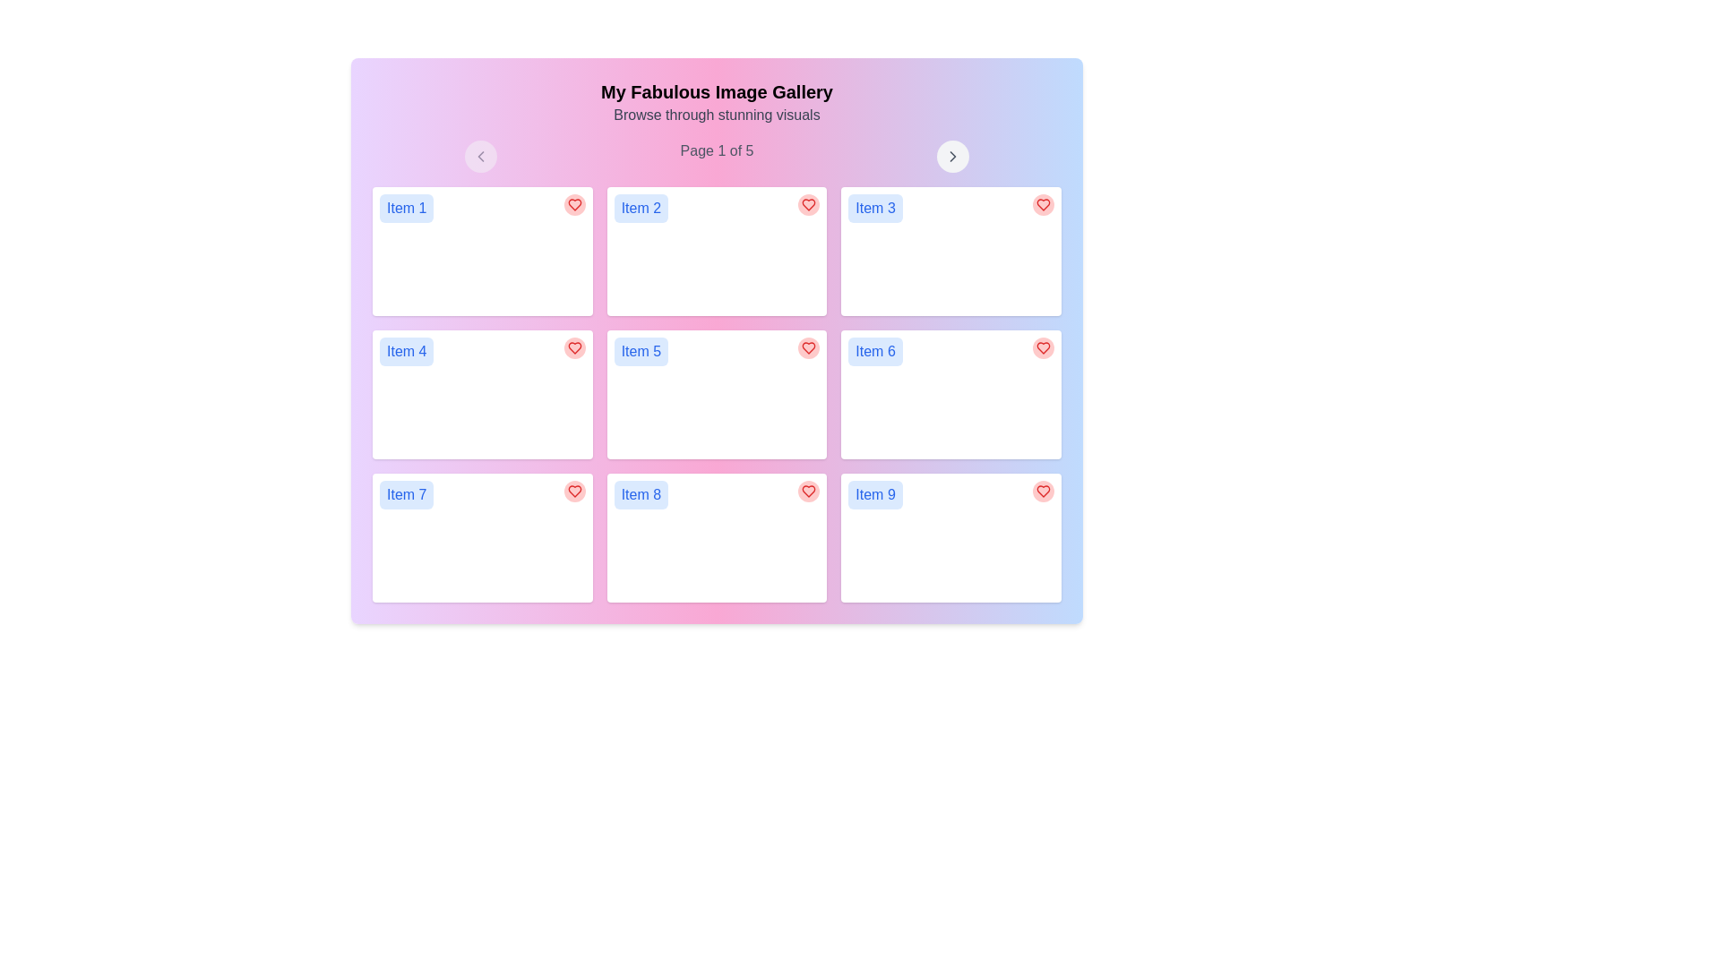 The image size is (1720, 967). What do you see at coordinates (574, 203) in the screenshot?
I see `the favorite button located in the upper-right corner of the card labeled 'Item 1' in 'My Fabulous Image Gallery' to mark the item as a favorite` at bounding box center [574, 203].